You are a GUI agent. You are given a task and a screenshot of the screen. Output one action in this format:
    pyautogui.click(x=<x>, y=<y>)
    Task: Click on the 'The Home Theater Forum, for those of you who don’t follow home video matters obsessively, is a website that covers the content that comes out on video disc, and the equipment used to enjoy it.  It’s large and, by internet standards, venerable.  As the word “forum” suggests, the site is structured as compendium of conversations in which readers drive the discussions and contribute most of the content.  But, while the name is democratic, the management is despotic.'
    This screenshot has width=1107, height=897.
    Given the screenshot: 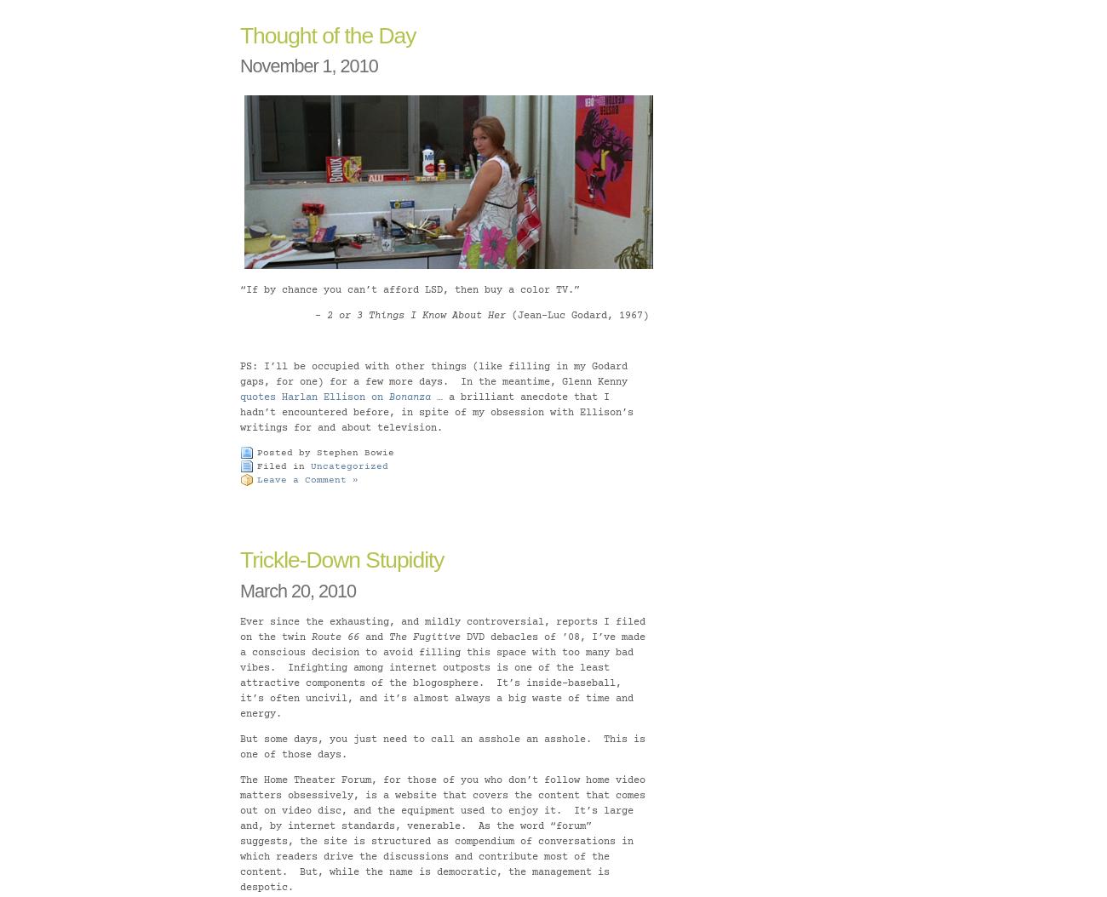 What is the action you would take?
    pyautogui.click(x=443, y=834)
    